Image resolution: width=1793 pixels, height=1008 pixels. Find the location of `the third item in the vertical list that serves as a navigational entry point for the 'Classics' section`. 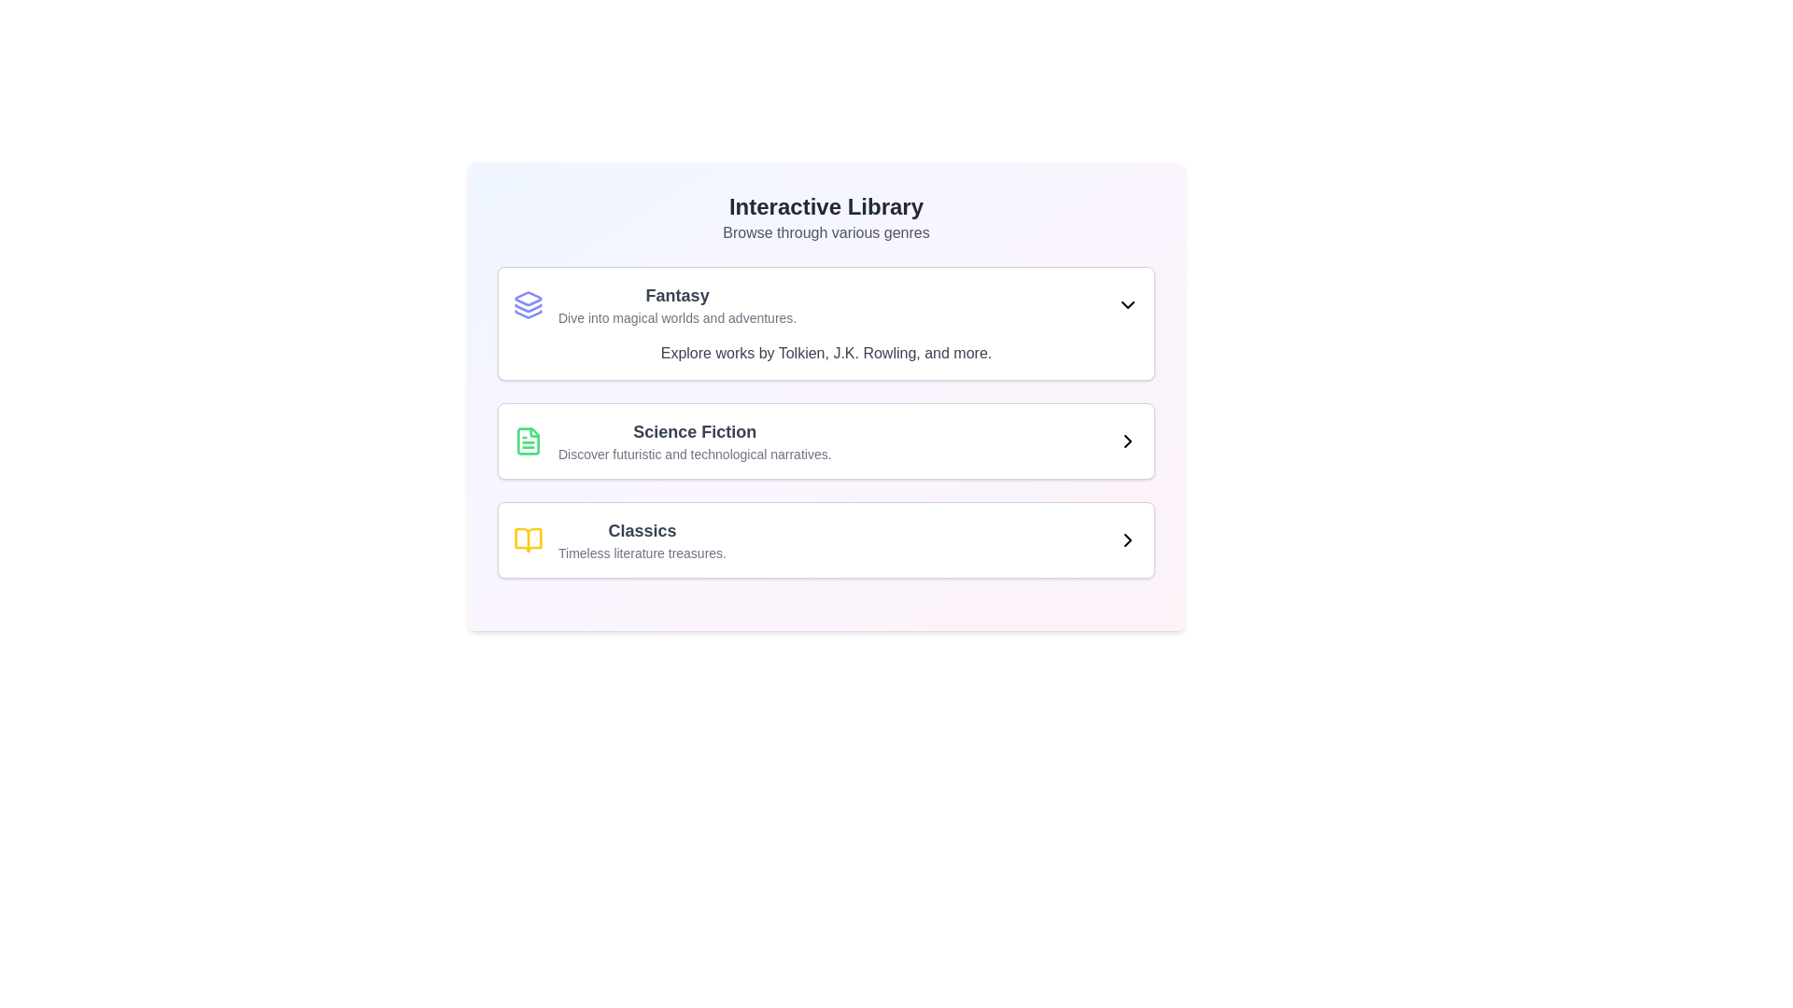

the third item in the vertical list that serves as a navigational entry point for the 'Classics' section is located at coordinates (825, 539).